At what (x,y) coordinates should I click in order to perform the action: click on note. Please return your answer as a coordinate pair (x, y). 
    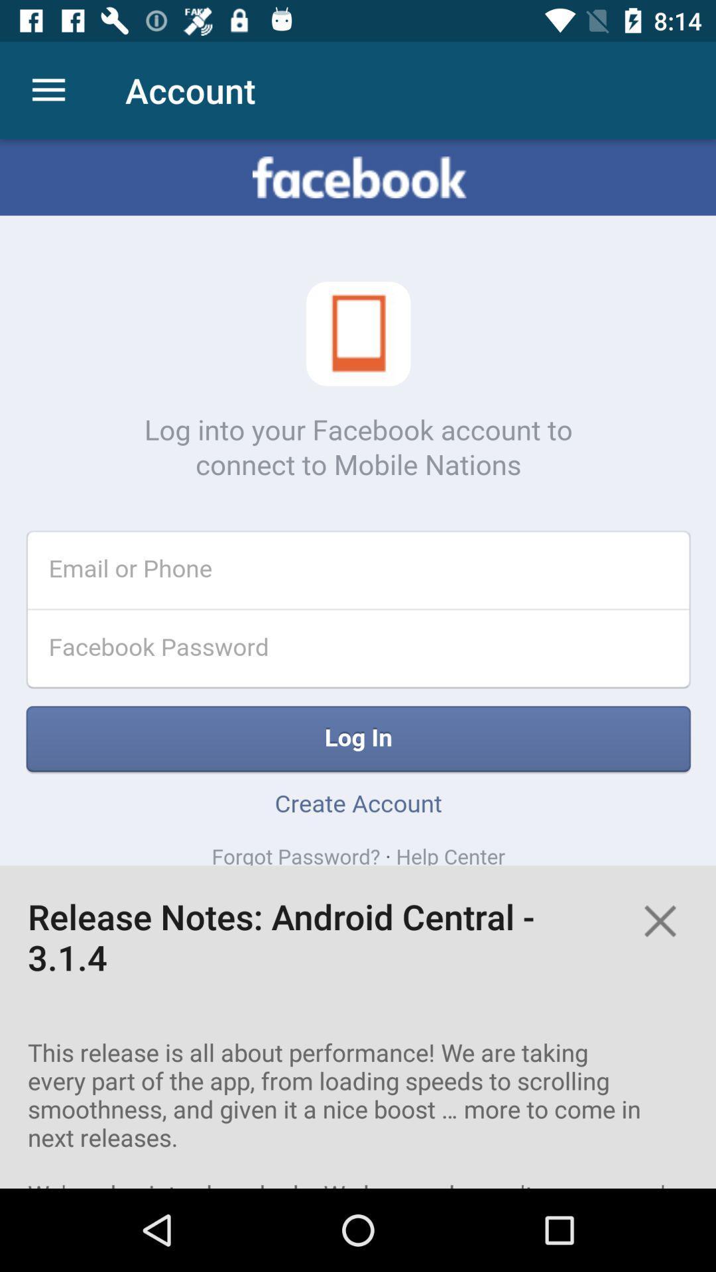
    Looking at the image, I should click on (660, 920).